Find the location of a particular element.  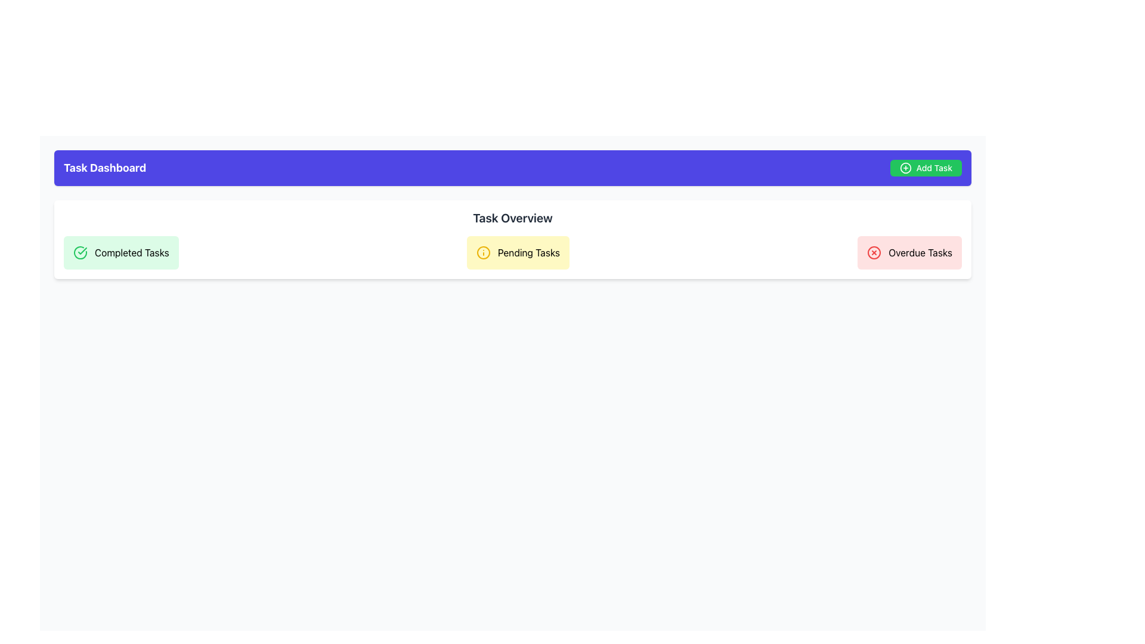

the outer circle of the SVG icon in the 'Completed Tasks' section of the 'Task Overview' to indicate completion or success is located at coordinates (79, 252).